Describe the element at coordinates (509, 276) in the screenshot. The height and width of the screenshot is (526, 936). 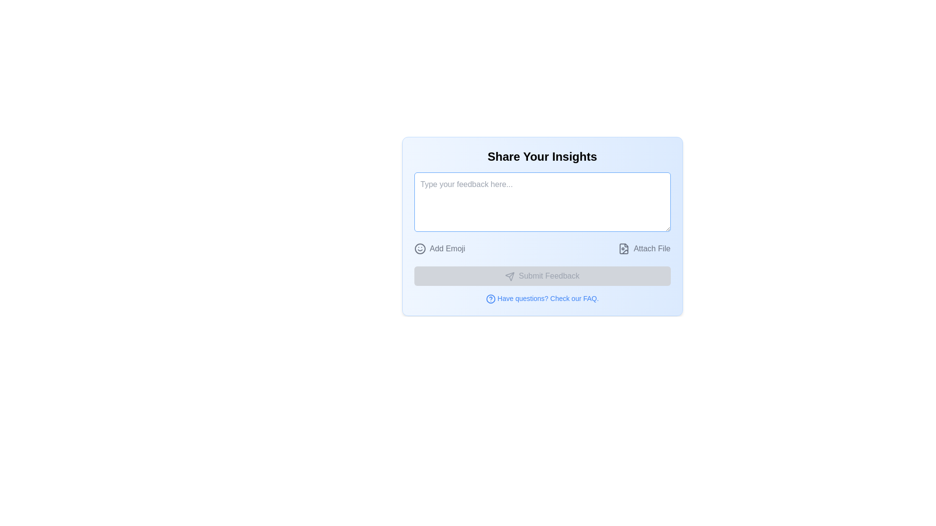
I see `the decorative icon to the left of the 'Submit Feedback' text inside the feedback button located at the center bottom area of the window` at that location.